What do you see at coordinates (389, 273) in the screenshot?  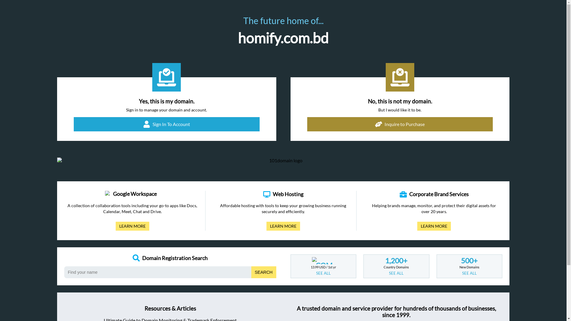 I see `'SEE ALL'` at bounding box center [389, 273].